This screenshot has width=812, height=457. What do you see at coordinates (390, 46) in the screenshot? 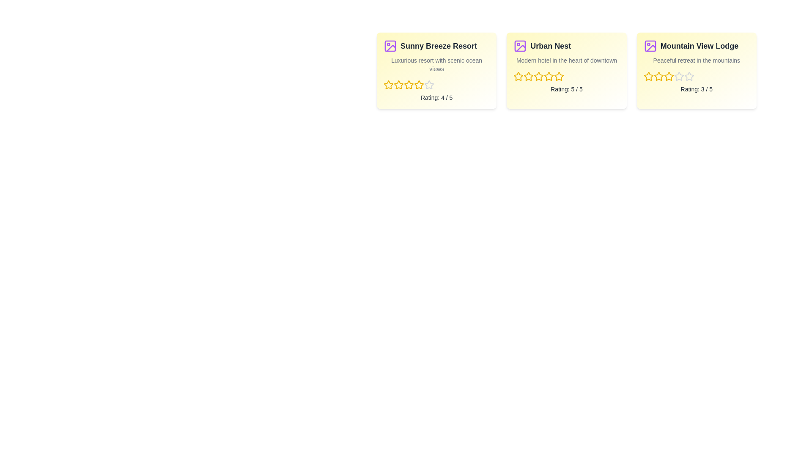
I see `the image icon of the hotel named Sunny Breeze Resort` at bounding box center [390, 46].